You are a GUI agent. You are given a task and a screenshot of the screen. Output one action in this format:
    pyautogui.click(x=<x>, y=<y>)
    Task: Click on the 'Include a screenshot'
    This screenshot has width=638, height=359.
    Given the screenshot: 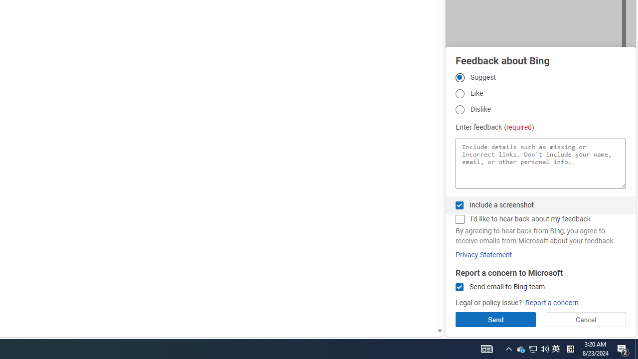 What is the action you would take?
    pyautogui.click(x=459, y=204)
    